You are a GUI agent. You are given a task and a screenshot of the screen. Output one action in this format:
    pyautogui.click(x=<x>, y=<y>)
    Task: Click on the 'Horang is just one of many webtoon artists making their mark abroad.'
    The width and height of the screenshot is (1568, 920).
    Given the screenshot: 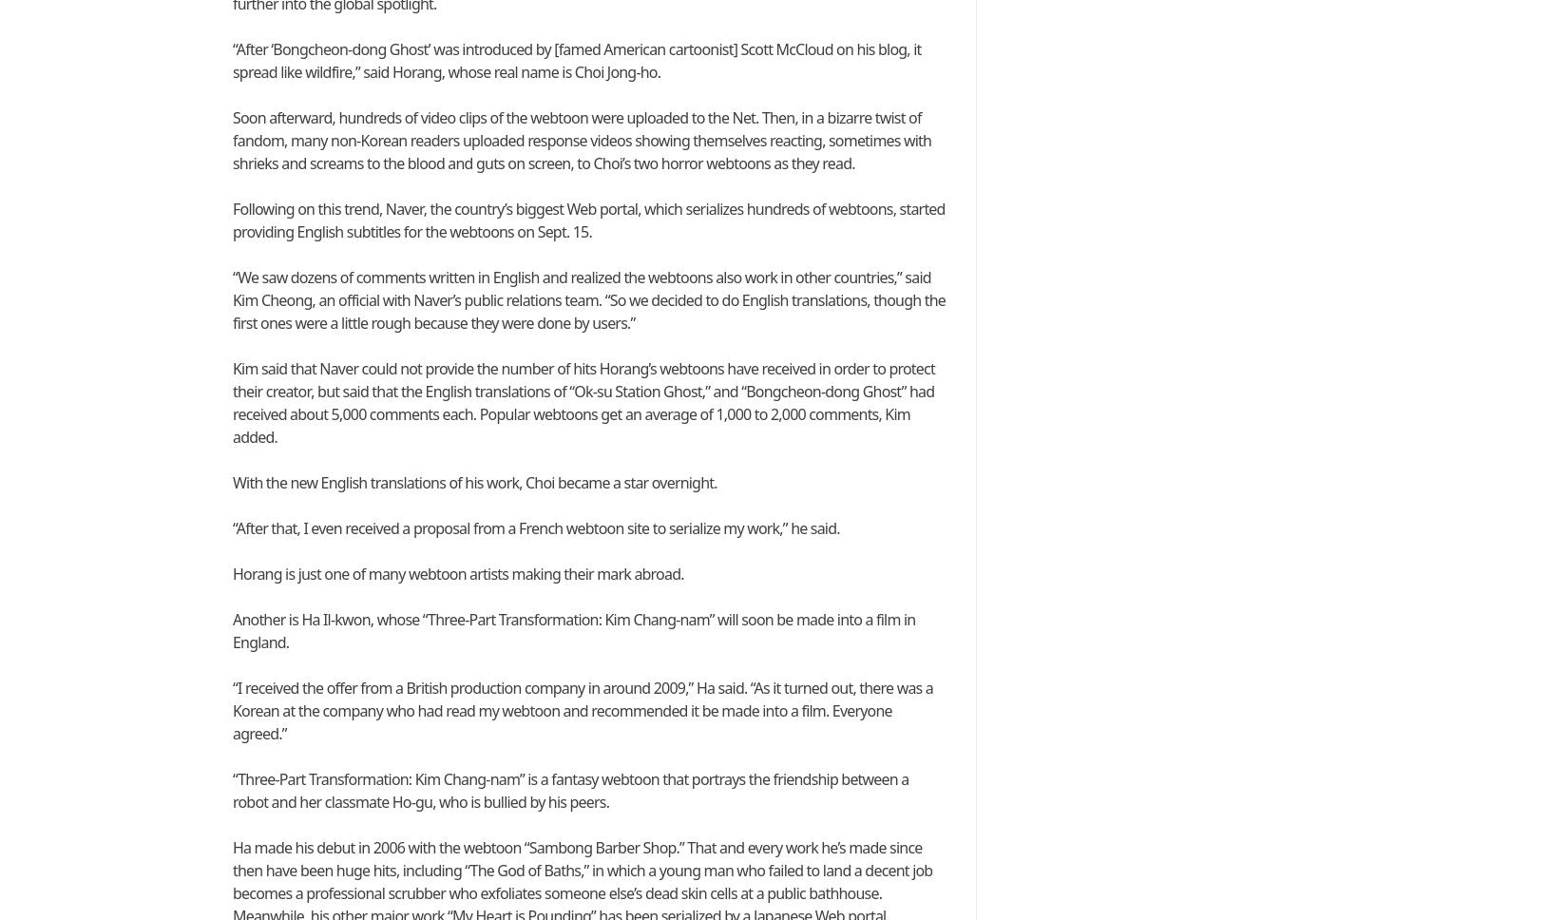 What is the action you would take?
    pyautogui.click(x=456, y=574)
    